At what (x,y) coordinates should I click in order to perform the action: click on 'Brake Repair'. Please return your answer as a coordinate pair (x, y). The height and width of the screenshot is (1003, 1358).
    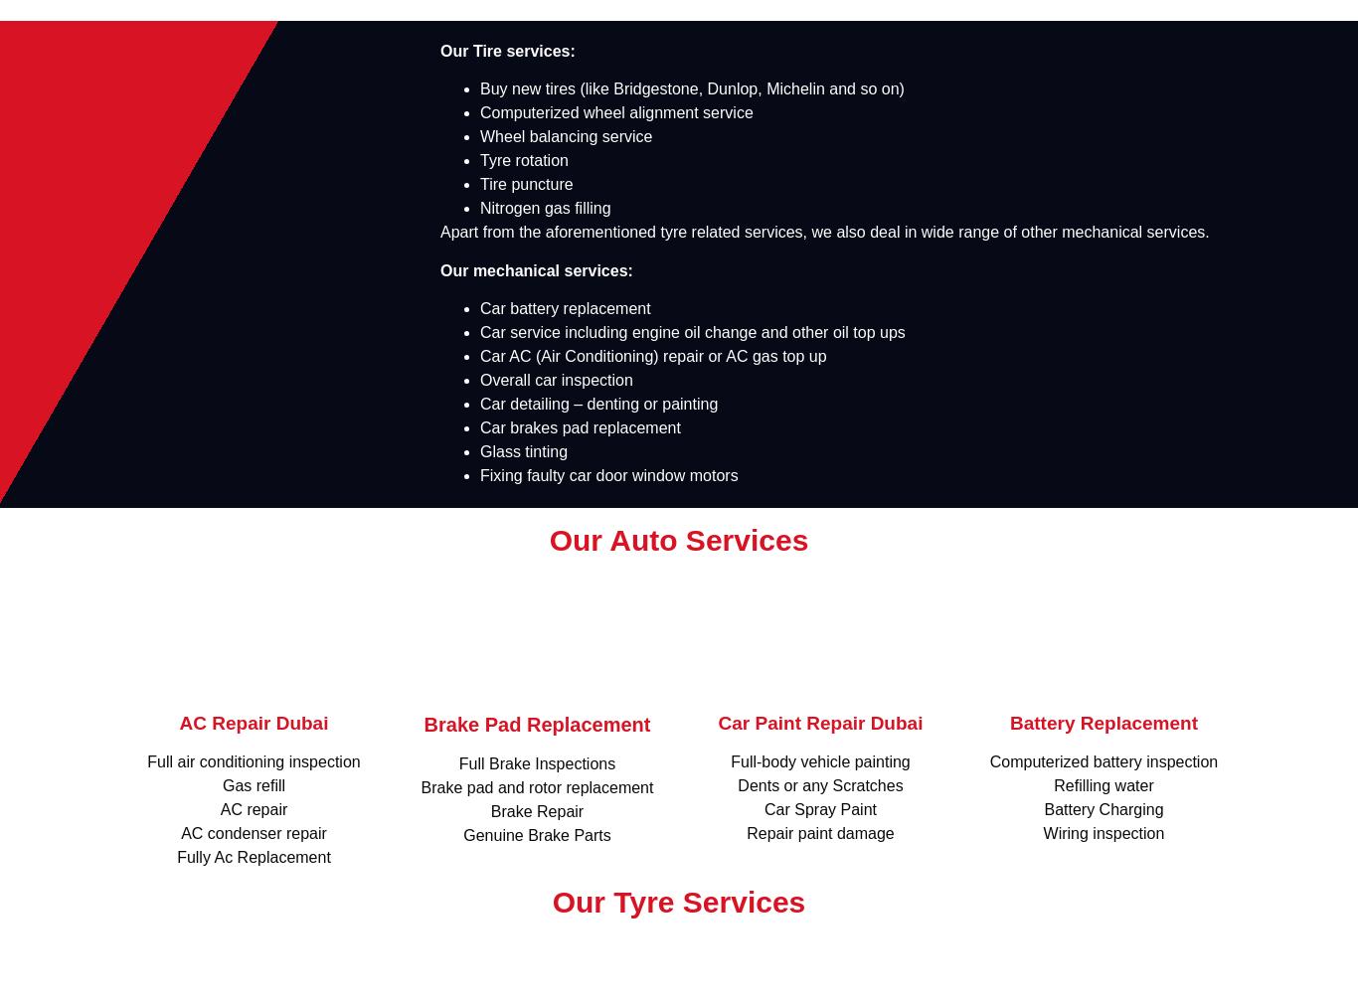
    Looking at the image, I should click on (489, 810).